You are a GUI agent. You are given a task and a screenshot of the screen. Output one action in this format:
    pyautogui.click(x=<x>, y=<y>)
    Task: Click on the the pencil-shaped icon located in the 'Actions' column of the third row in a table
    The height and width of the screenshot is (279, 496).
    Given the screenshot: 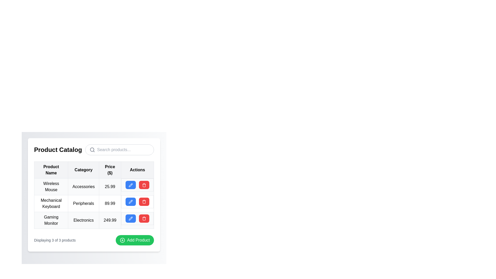 What is the action you would take?
    pyautogui.click(x=130, y=219)
    